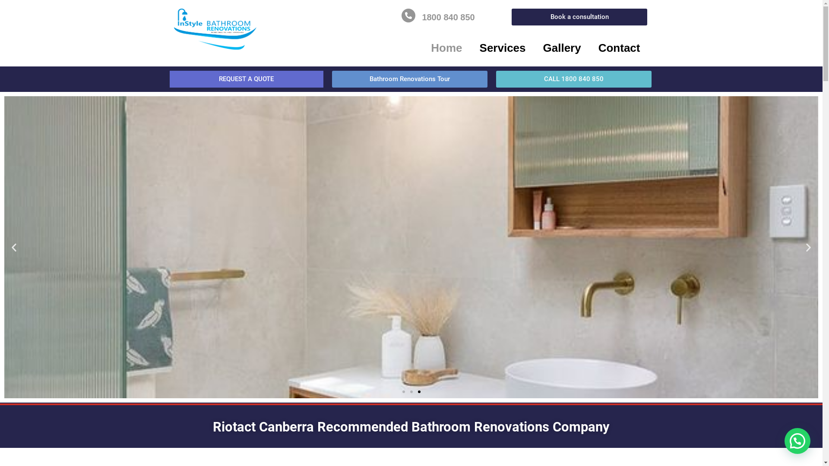 This screenshot has width=829, height=466. Describe the element at coordinates (470, 48) in the screenshot. I see `'Services'` at that location.